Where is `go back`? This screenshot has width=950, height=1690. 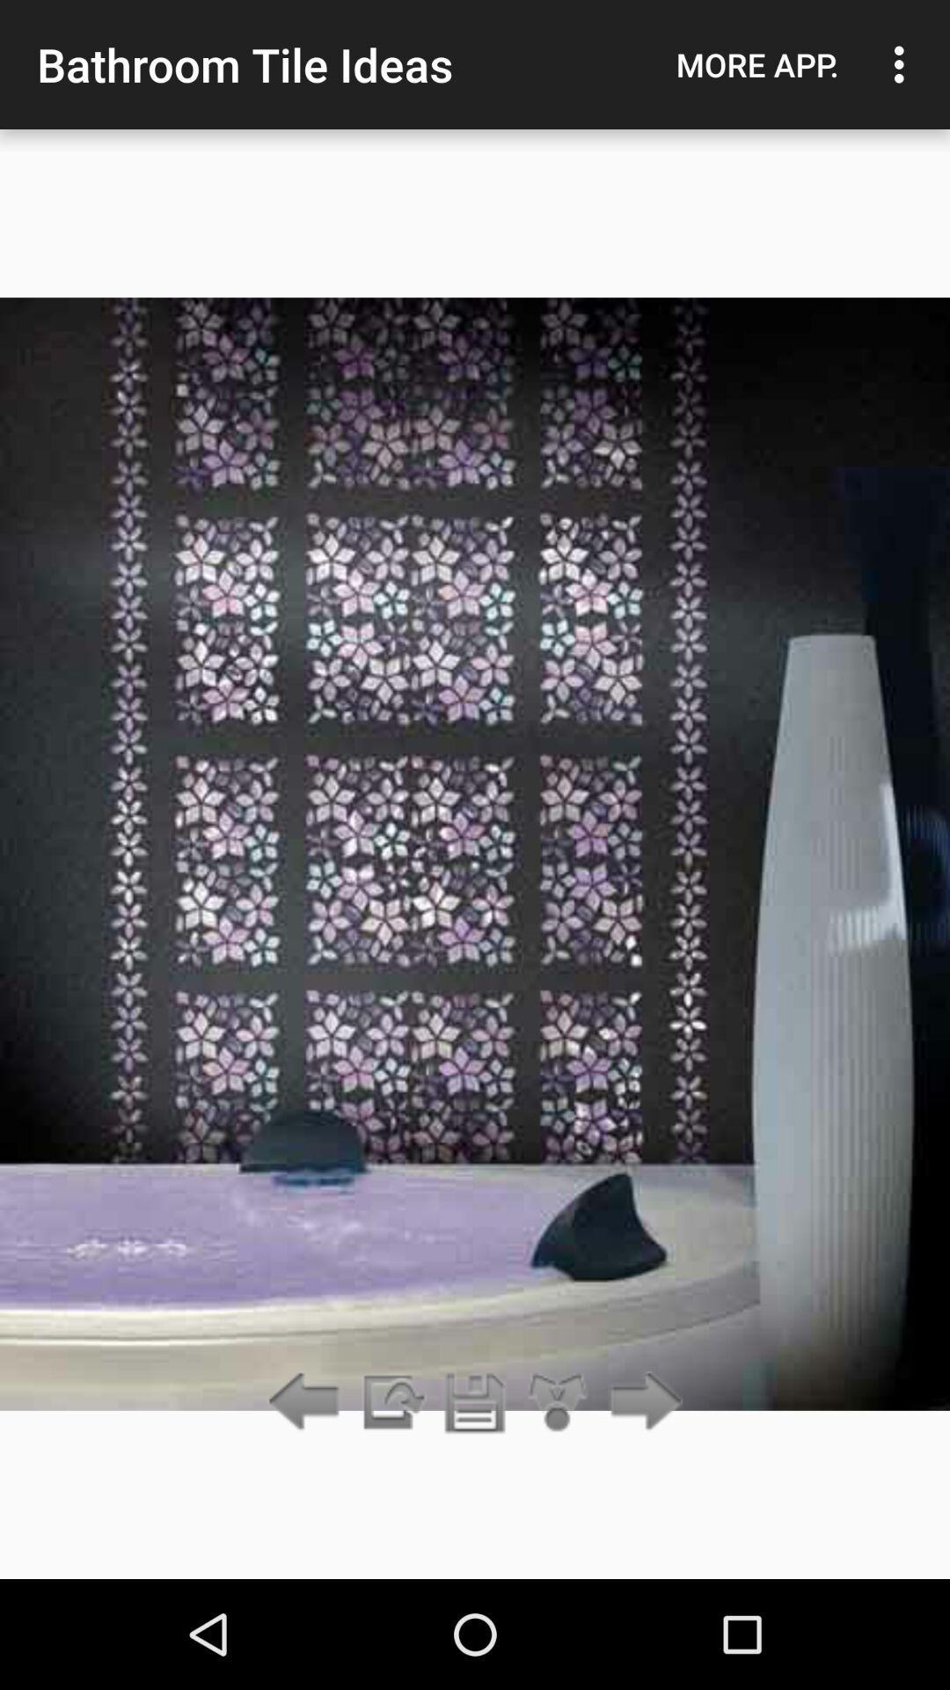
go back is located at coordinates (308, 1402).